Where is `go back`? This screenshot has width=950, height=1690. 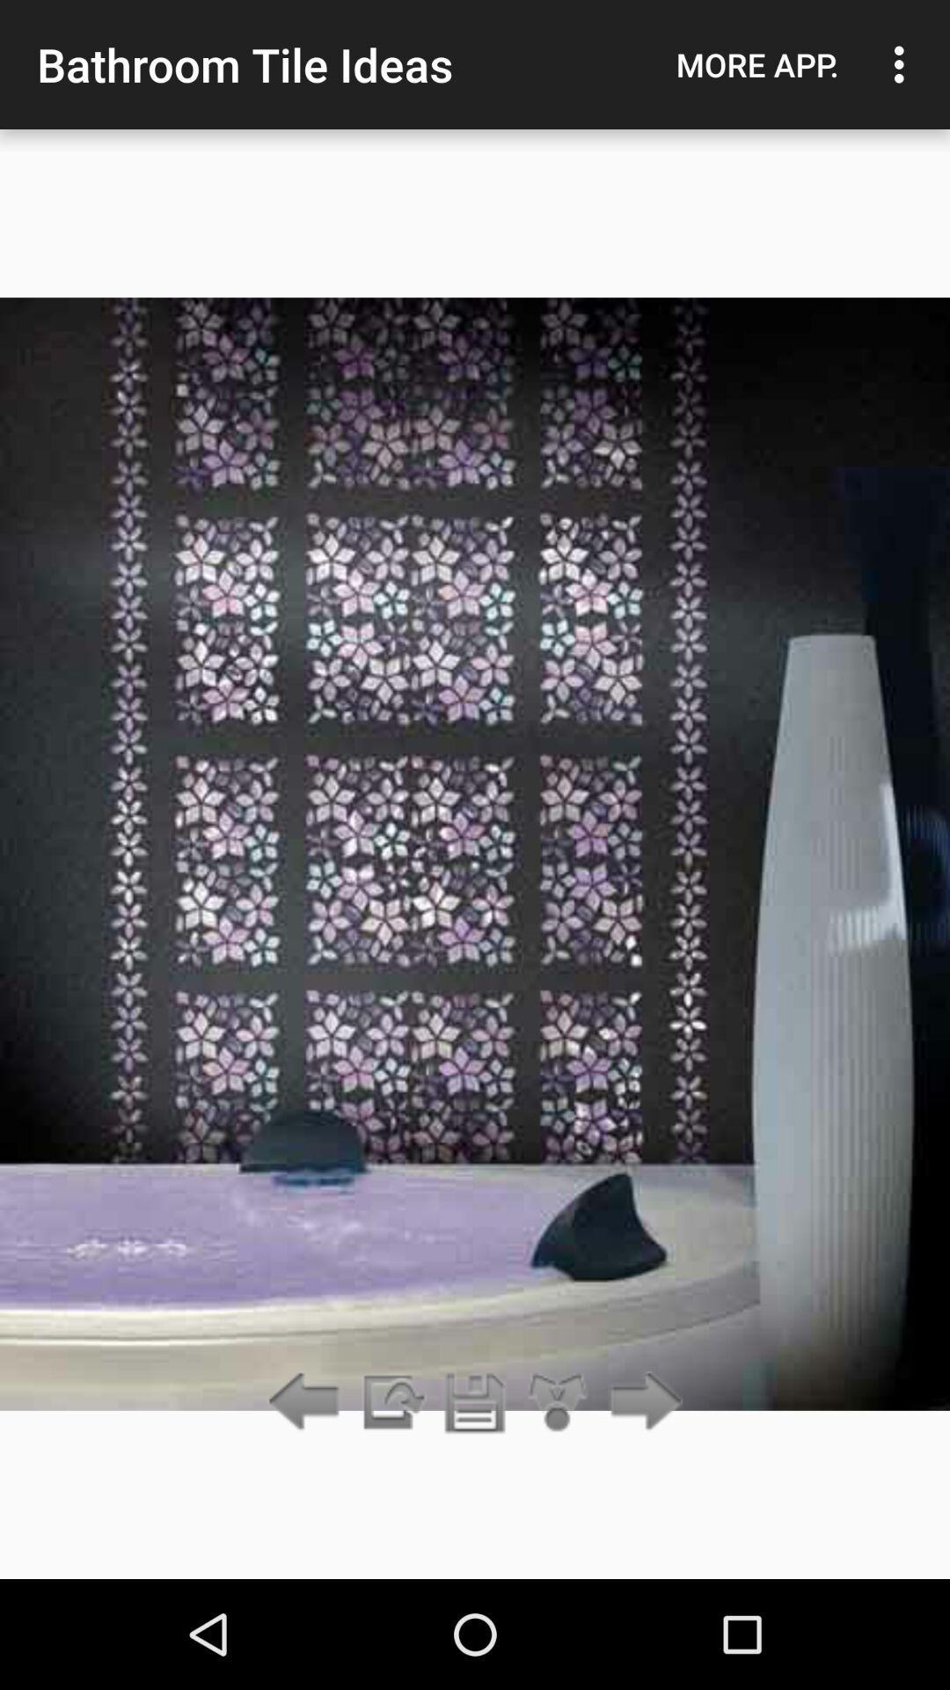
go back is located at coordinates (308, 1402).